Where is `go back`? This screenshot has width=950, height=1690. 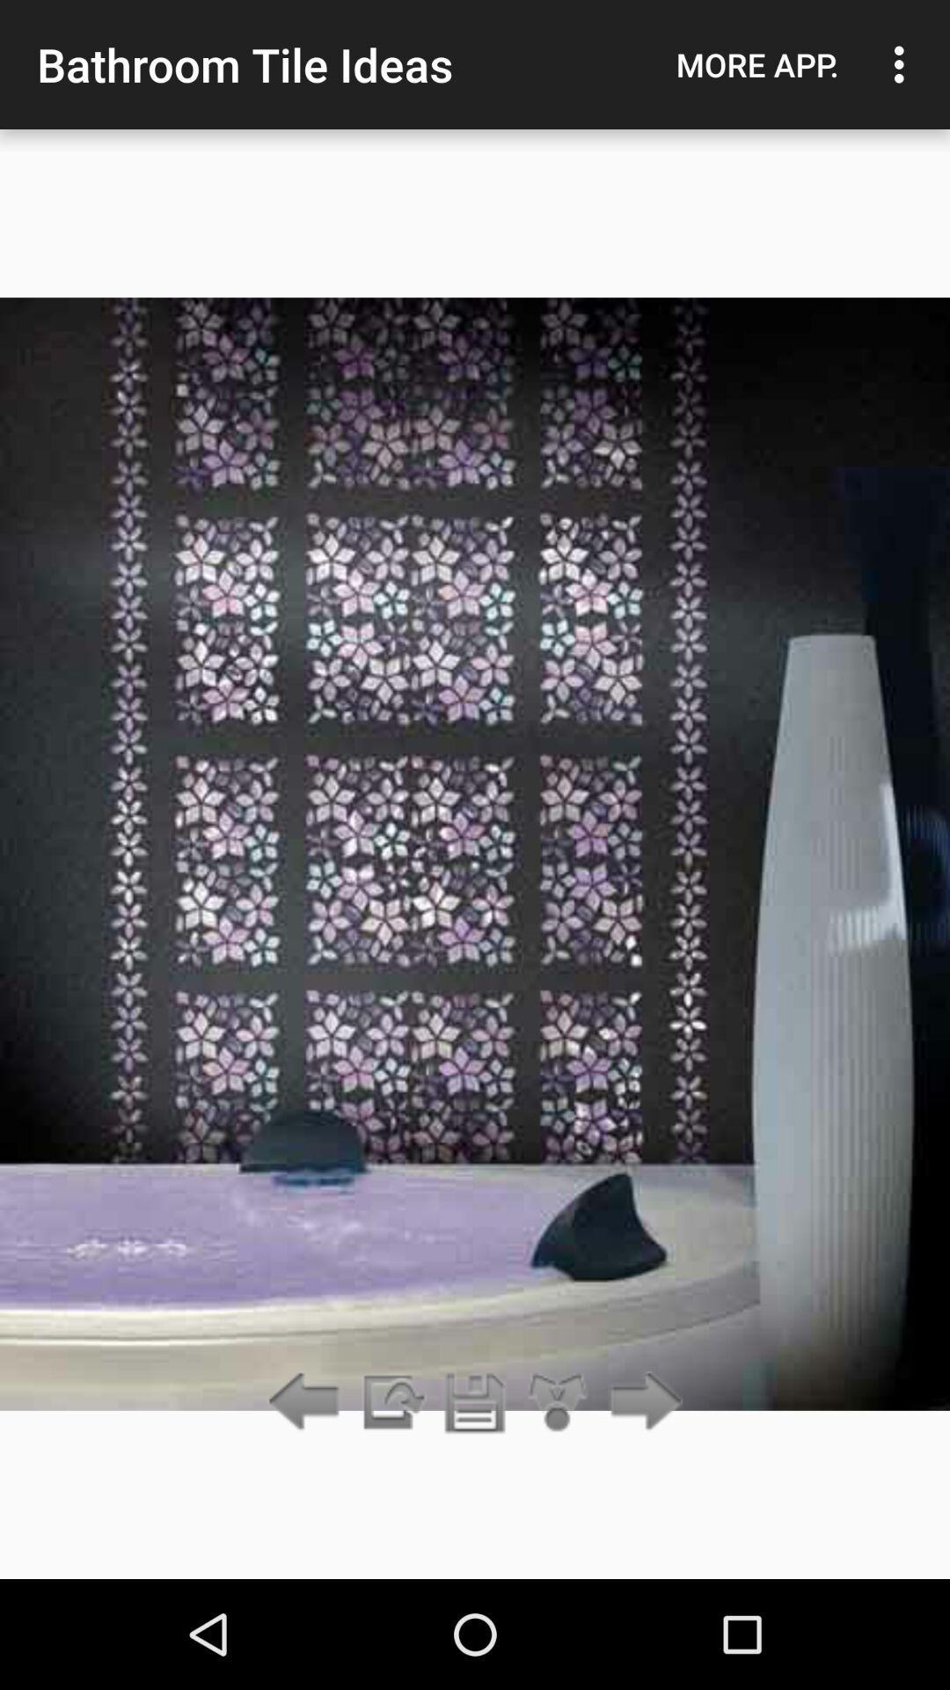
go back is located at coordinates (308, 1402).